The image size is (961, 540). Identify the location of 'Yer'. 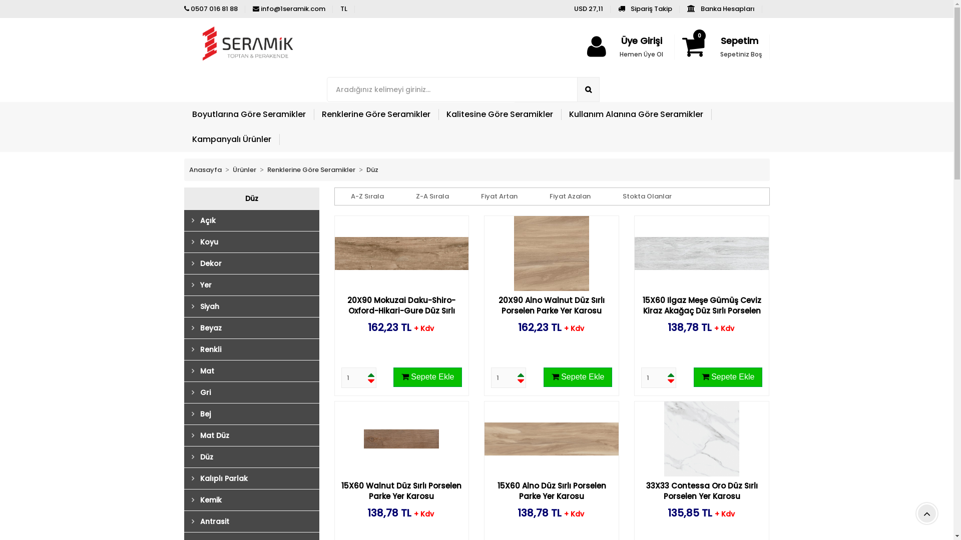
(258, 285).